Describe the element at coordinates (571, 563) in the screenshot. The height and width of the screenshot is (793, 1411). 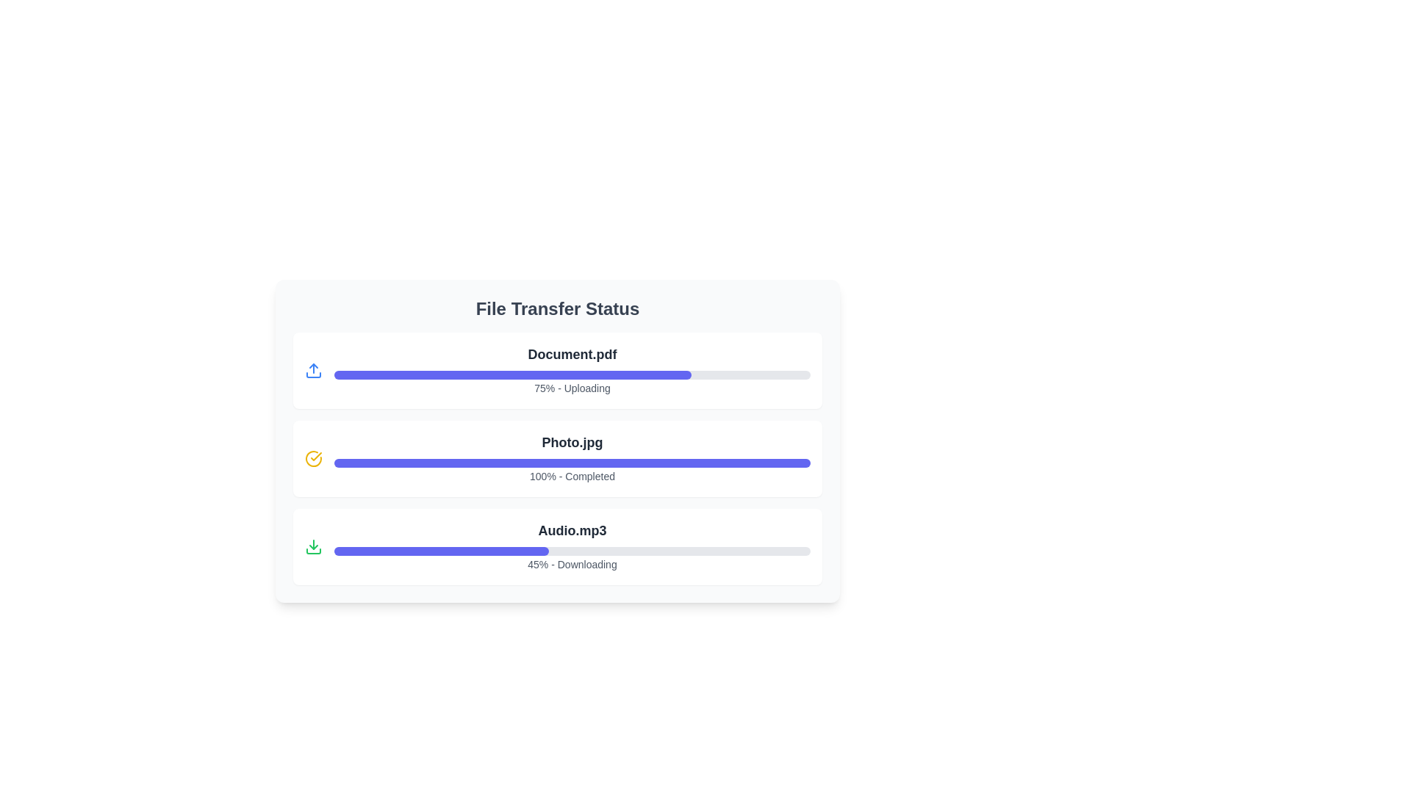
I see `the Text Display element that shows the file transfer progress for 'Audio.mp3', located beneath its label and progress bar in the file transfer status interface` at that location.